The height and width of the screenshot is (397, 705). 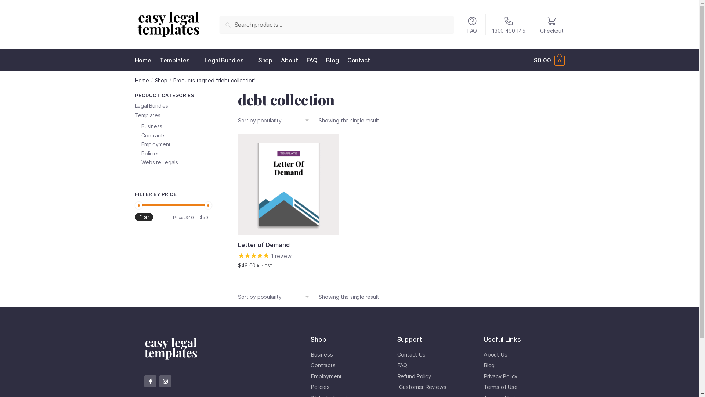 What do you see at coordinates (265, 60) in the screenshot?
I see `'Shop'` at bounding box center [265, 60].